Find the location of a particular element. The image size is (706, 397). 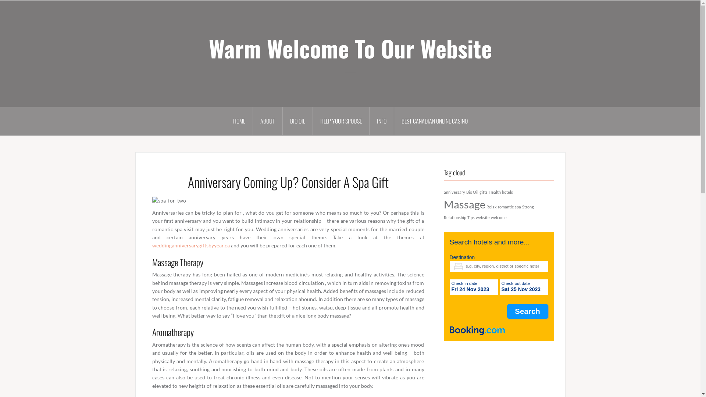

'ABOUT' is located at coordinates (253, 121).